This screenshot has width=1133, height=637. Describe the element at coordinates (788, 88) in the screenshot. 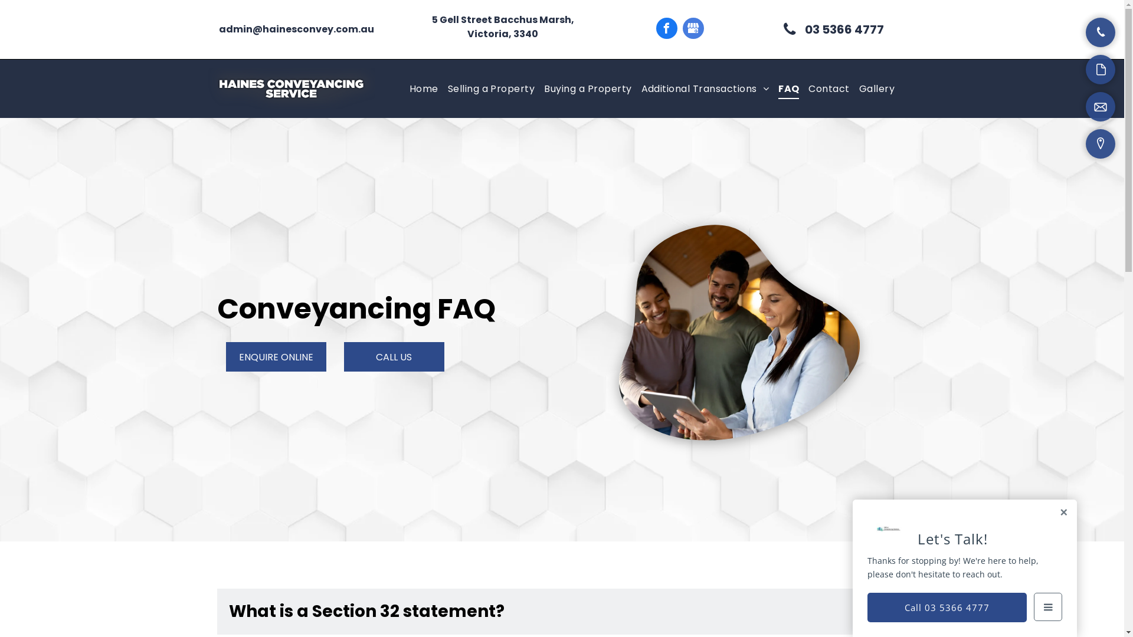

I see `'FAQ'` at that location.